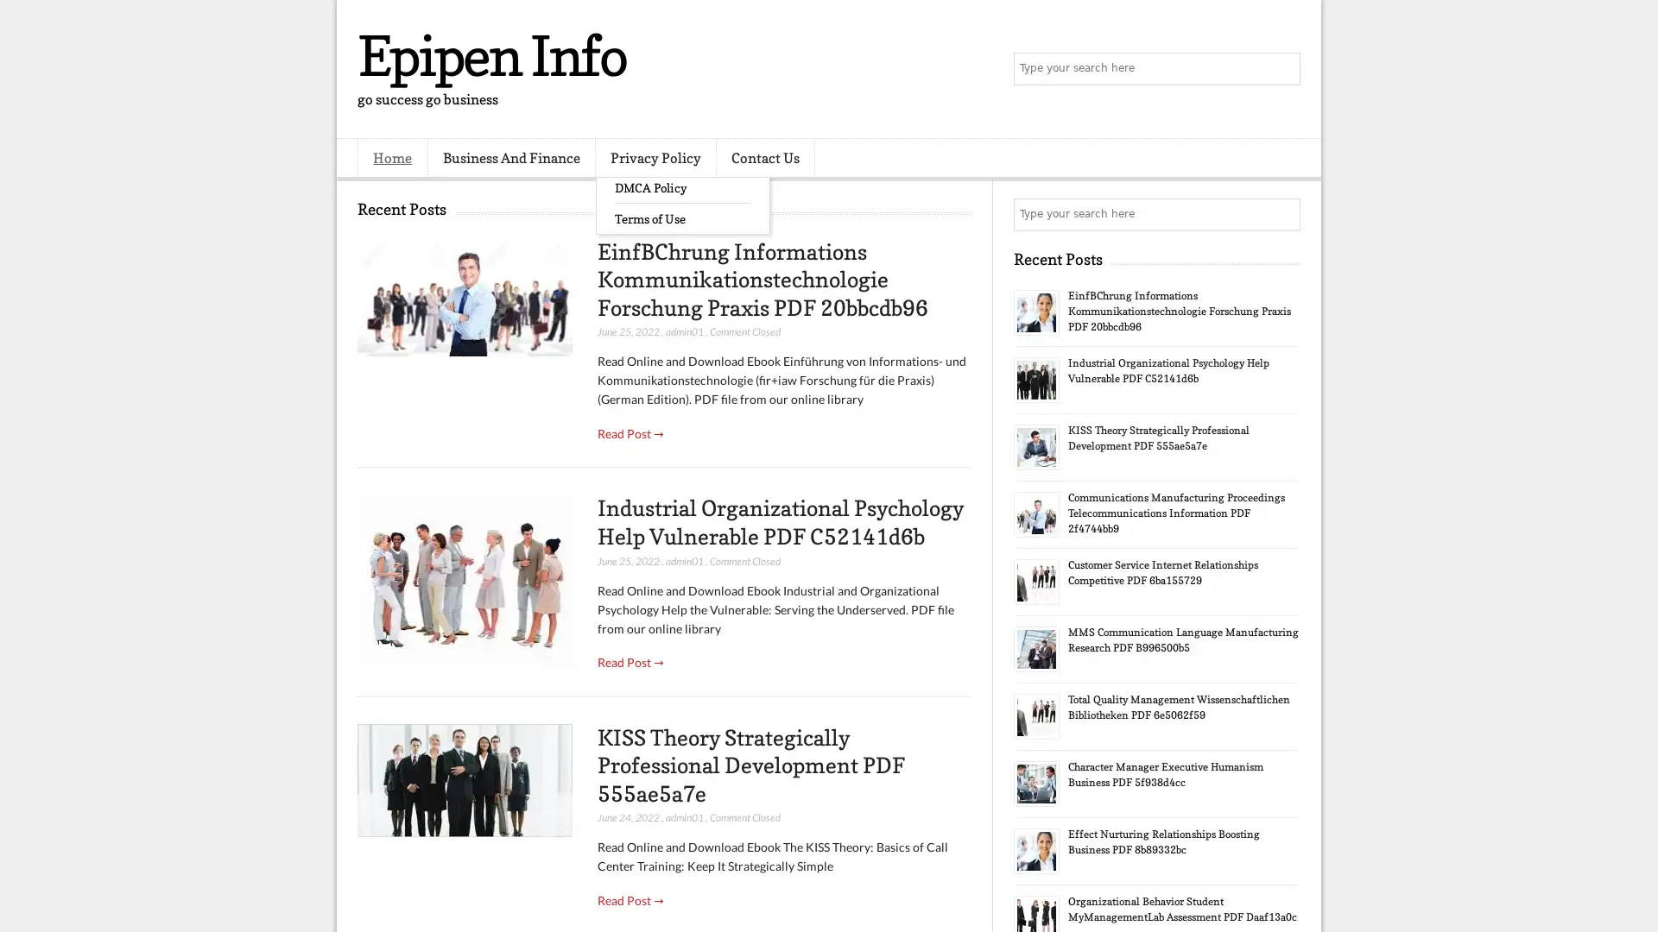 The image size is (1658, 932). What do you see at coordinates (1282, 69) in the screenshot?
I see `Search` at bounding box center [1282, 69].